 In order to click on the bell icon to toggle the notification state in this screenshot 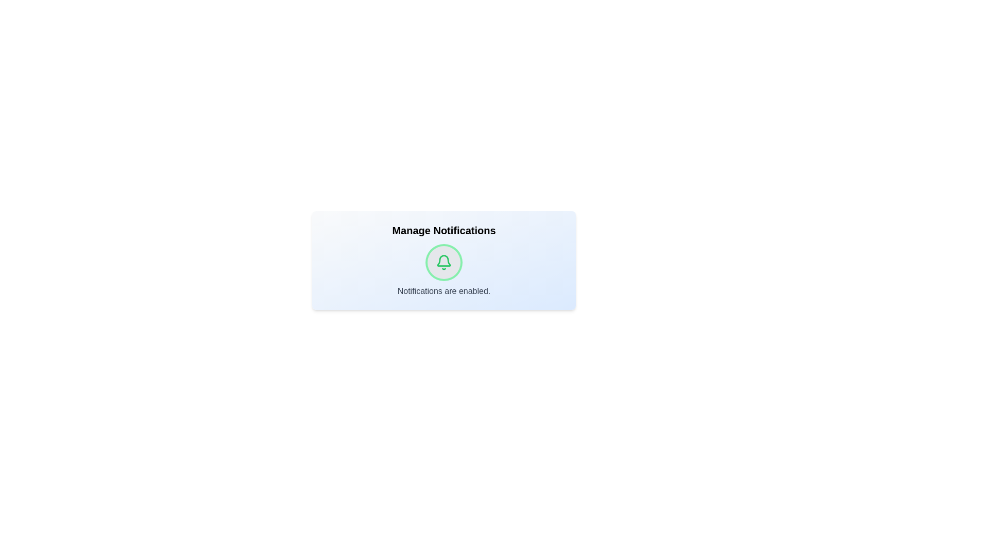, I will do `click(444, 262)`.